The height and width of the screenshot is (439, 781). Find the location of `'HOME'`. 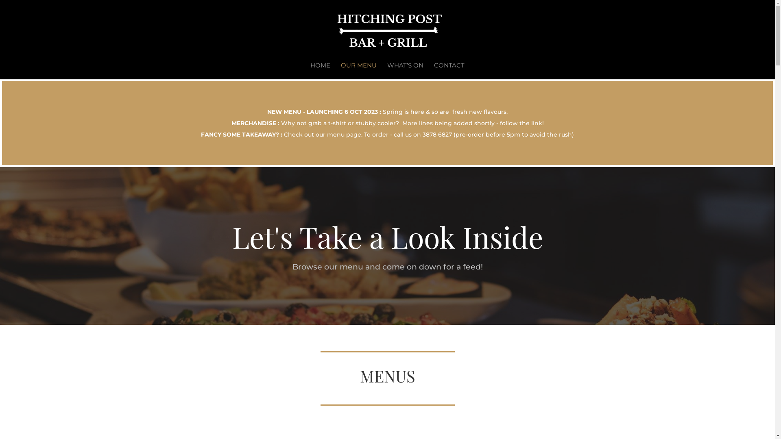

'HOME' is located at coordinates (320, 70).